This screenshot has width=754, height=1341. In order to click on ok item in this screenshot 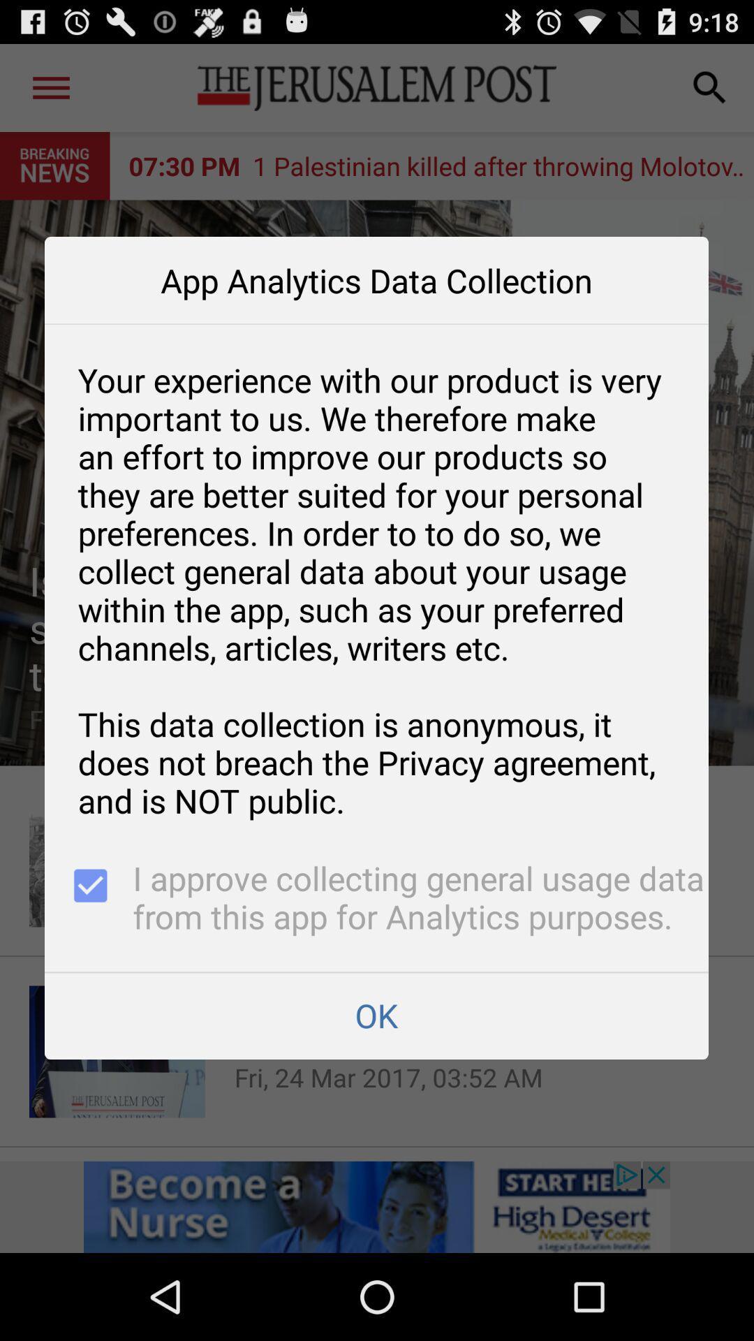, I will do `click(376, 1016)`.